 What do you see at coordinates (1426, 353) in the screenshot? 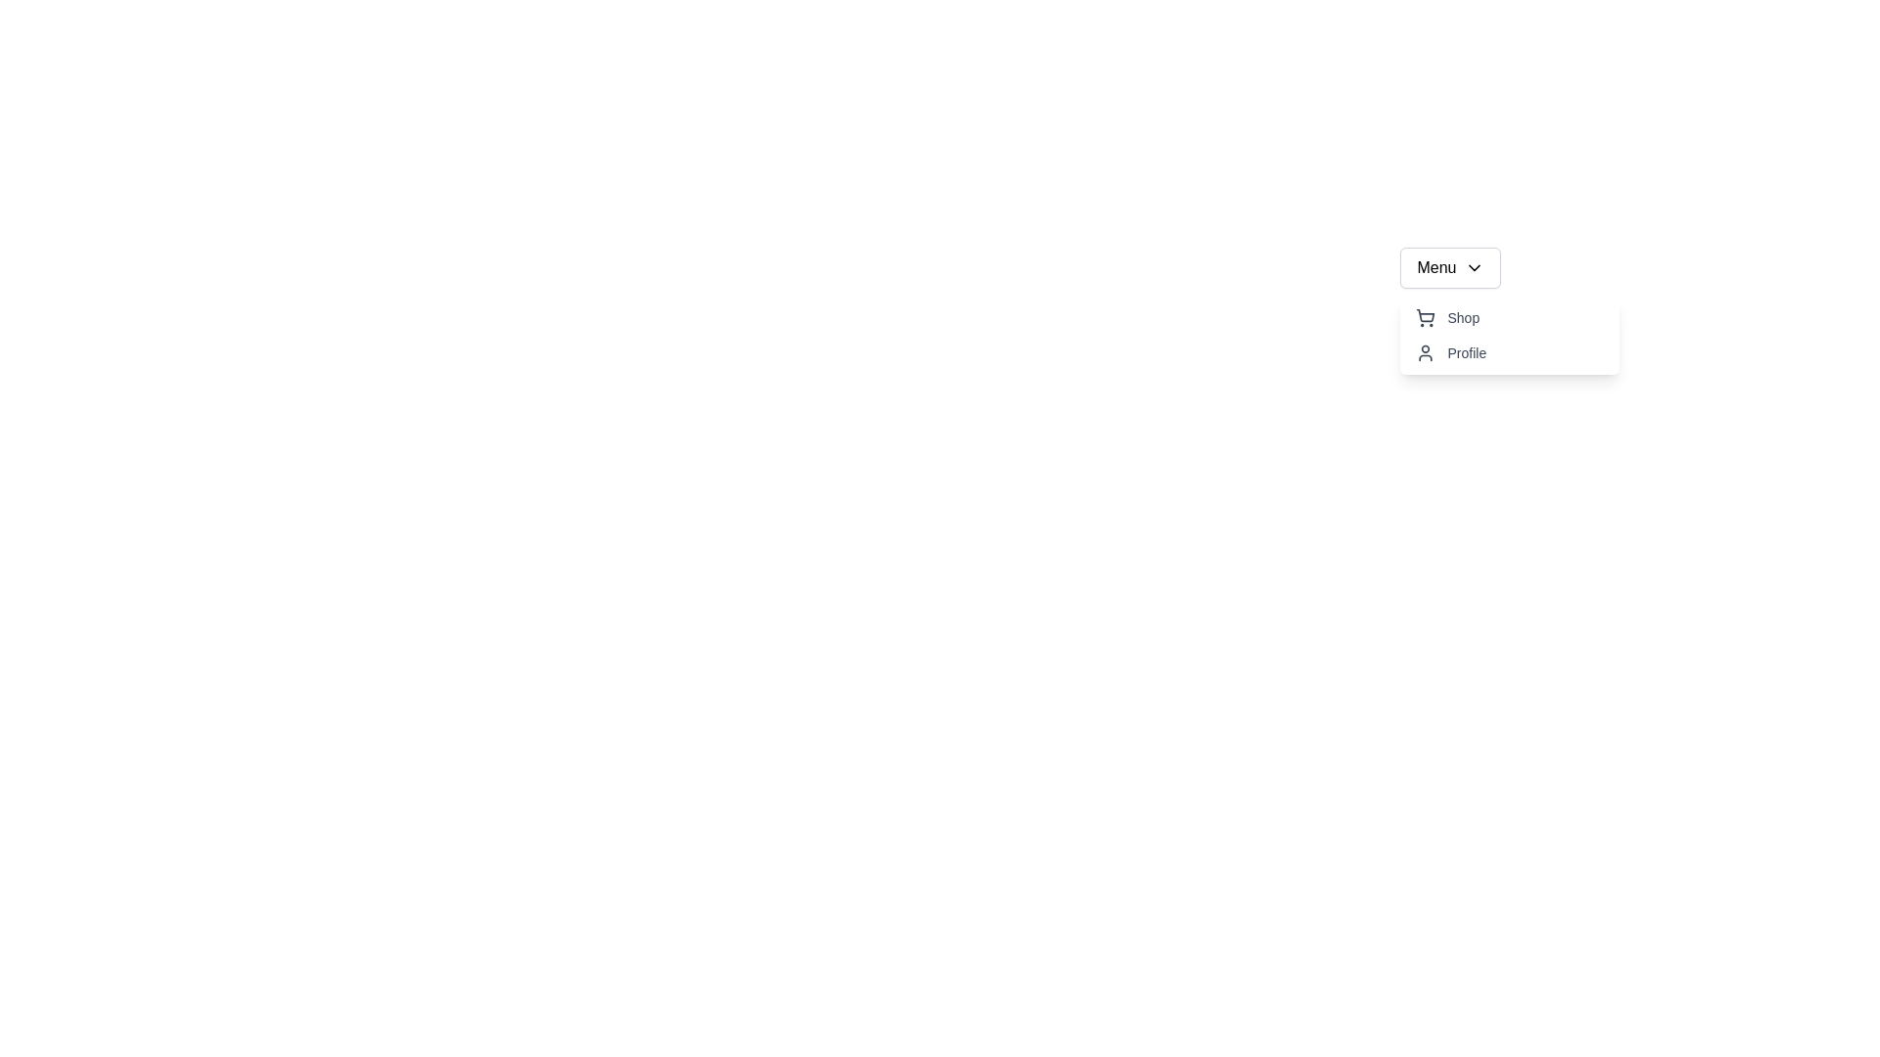
I see `the user silhouette icon located to the left of the 'Profile' text in the dropdown menu` at bounding box center [1426, 353].